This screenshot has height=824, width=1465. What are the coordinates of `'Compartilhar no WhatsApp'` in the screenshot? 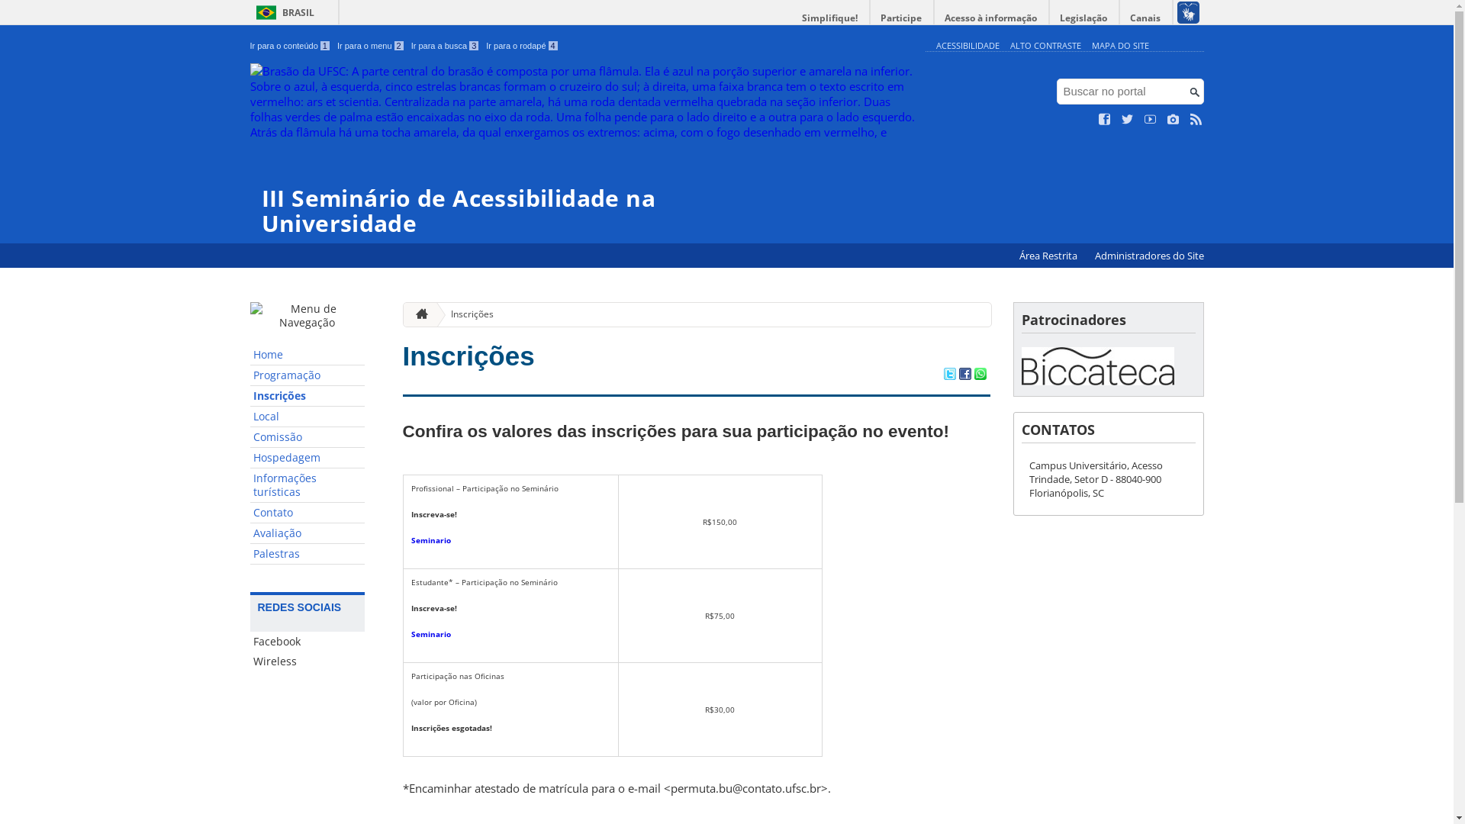 It's located at (979, 375).